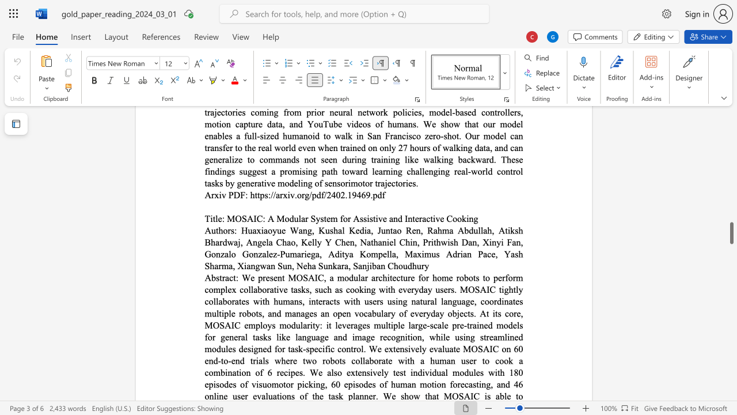  What do you see at coordinates (731, 127) in the screenshot?
I see `the scrollbar to move the page up` at bounding box center [731, 127].